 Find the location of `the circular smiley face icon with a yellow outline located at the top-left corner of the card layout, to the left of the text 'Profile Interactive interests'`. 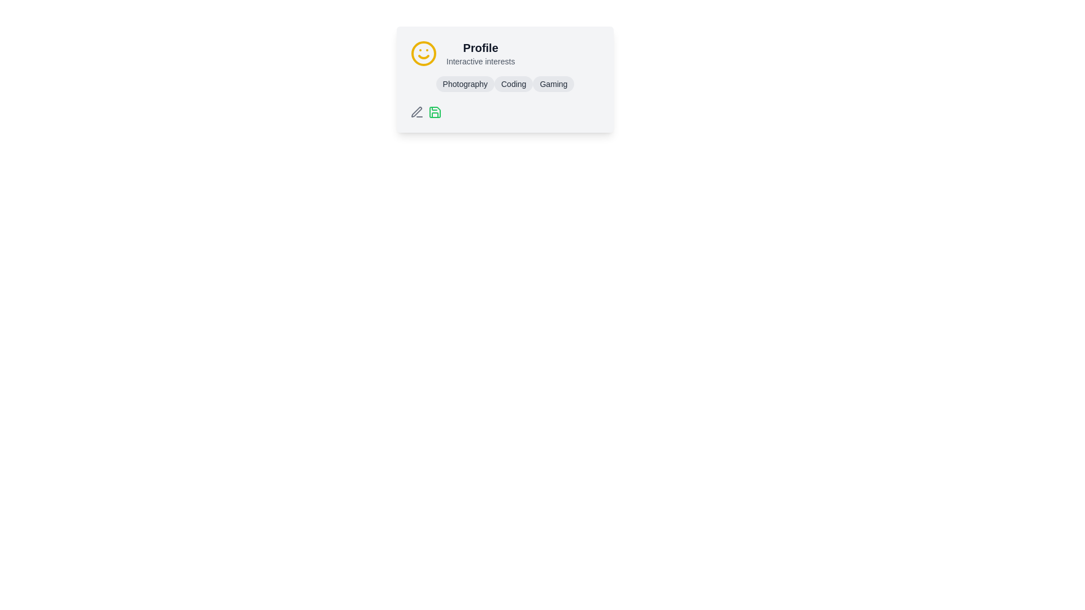

the circular smiley face icon with a yellow outline located at the top-left corner of the card layout, to the left of the text 'Profile Interactive interests' is located at coordinates (423, 54).